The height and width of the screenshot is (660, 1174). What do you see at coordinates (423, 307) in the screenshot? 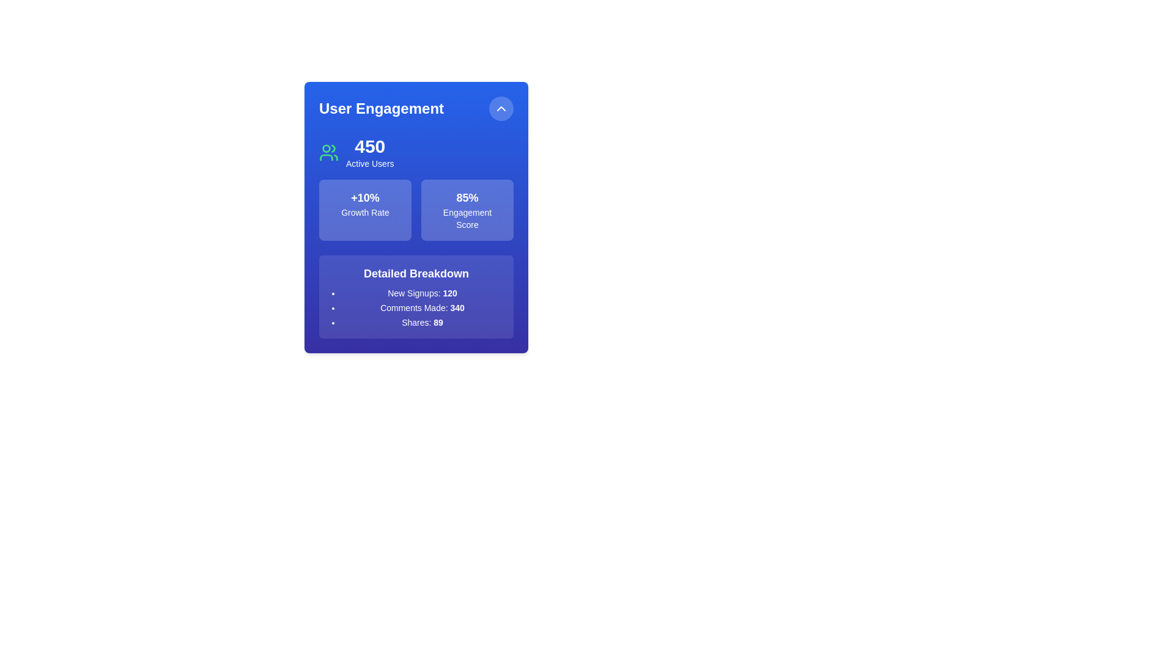
I see `the text display that shows the count of comments made, which is the second item in the 'Detailed Breakdown' section` at bounding box center [423, 307].